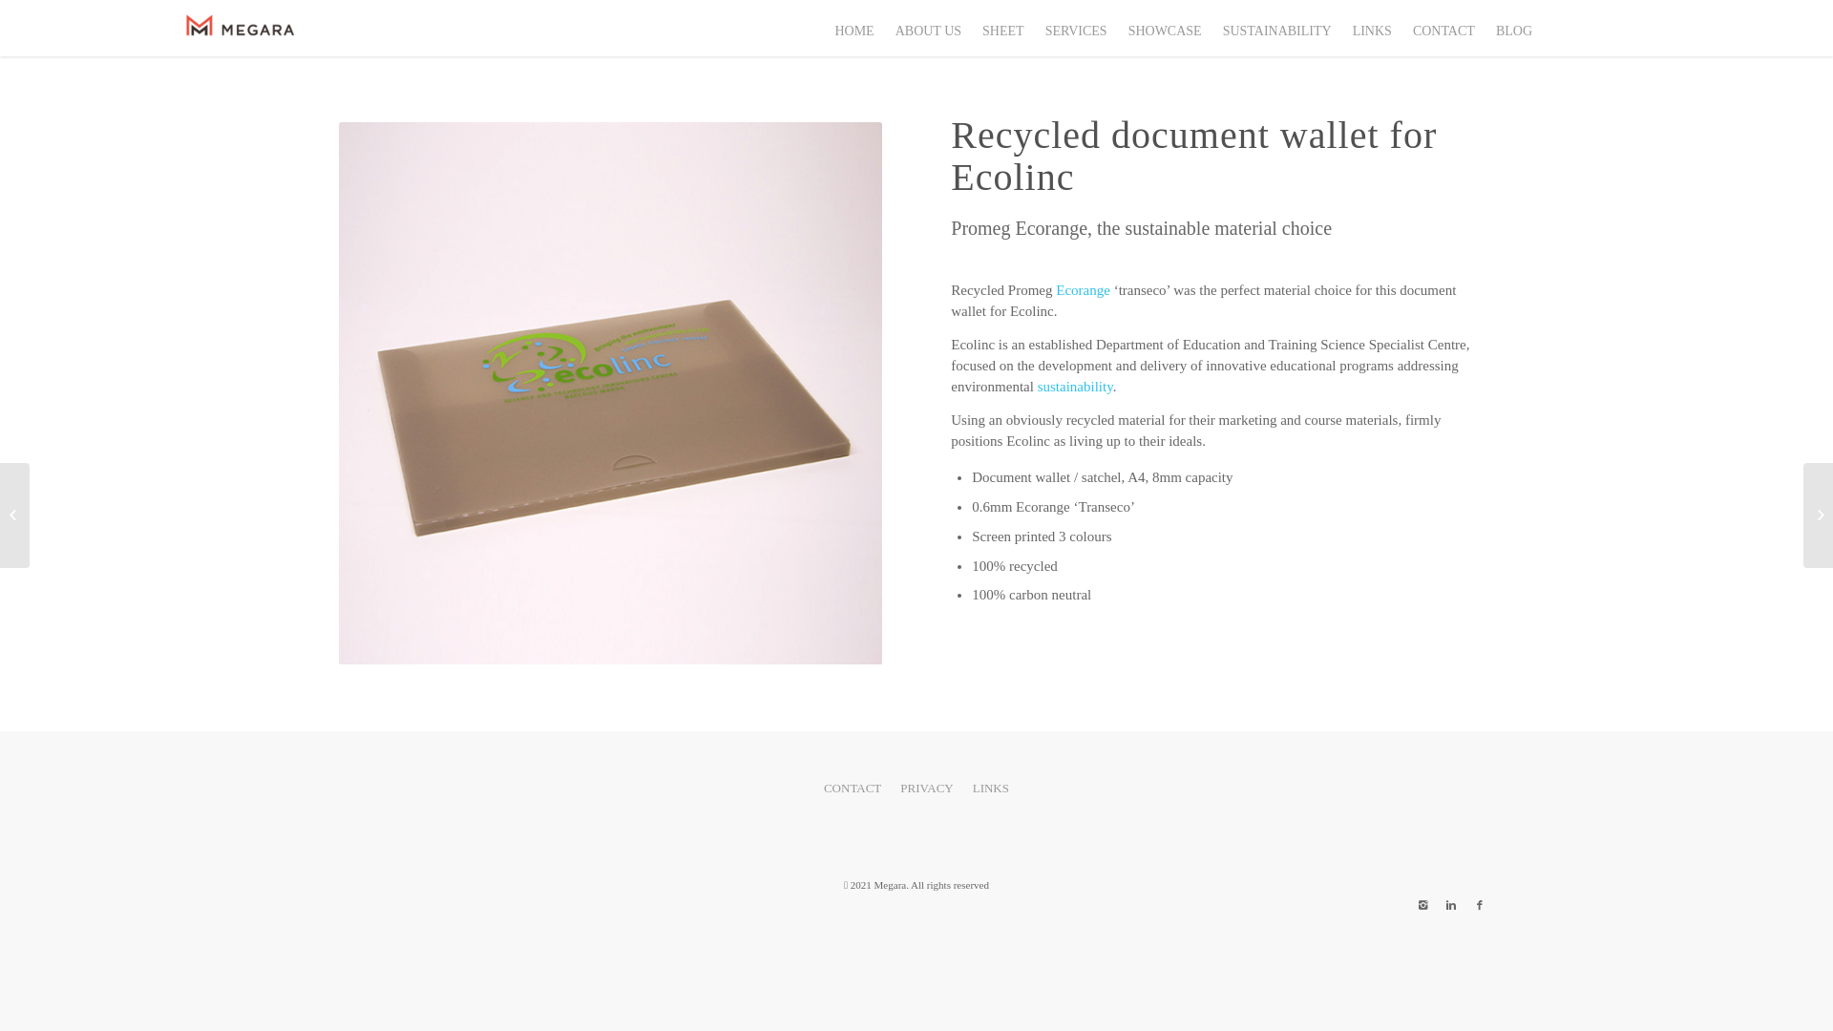 The height and width of the screenshot is (1031, 1833). Describe the element at coordinates (1443, 28) in the screenshot. I see `'CONTACT'` at that location.